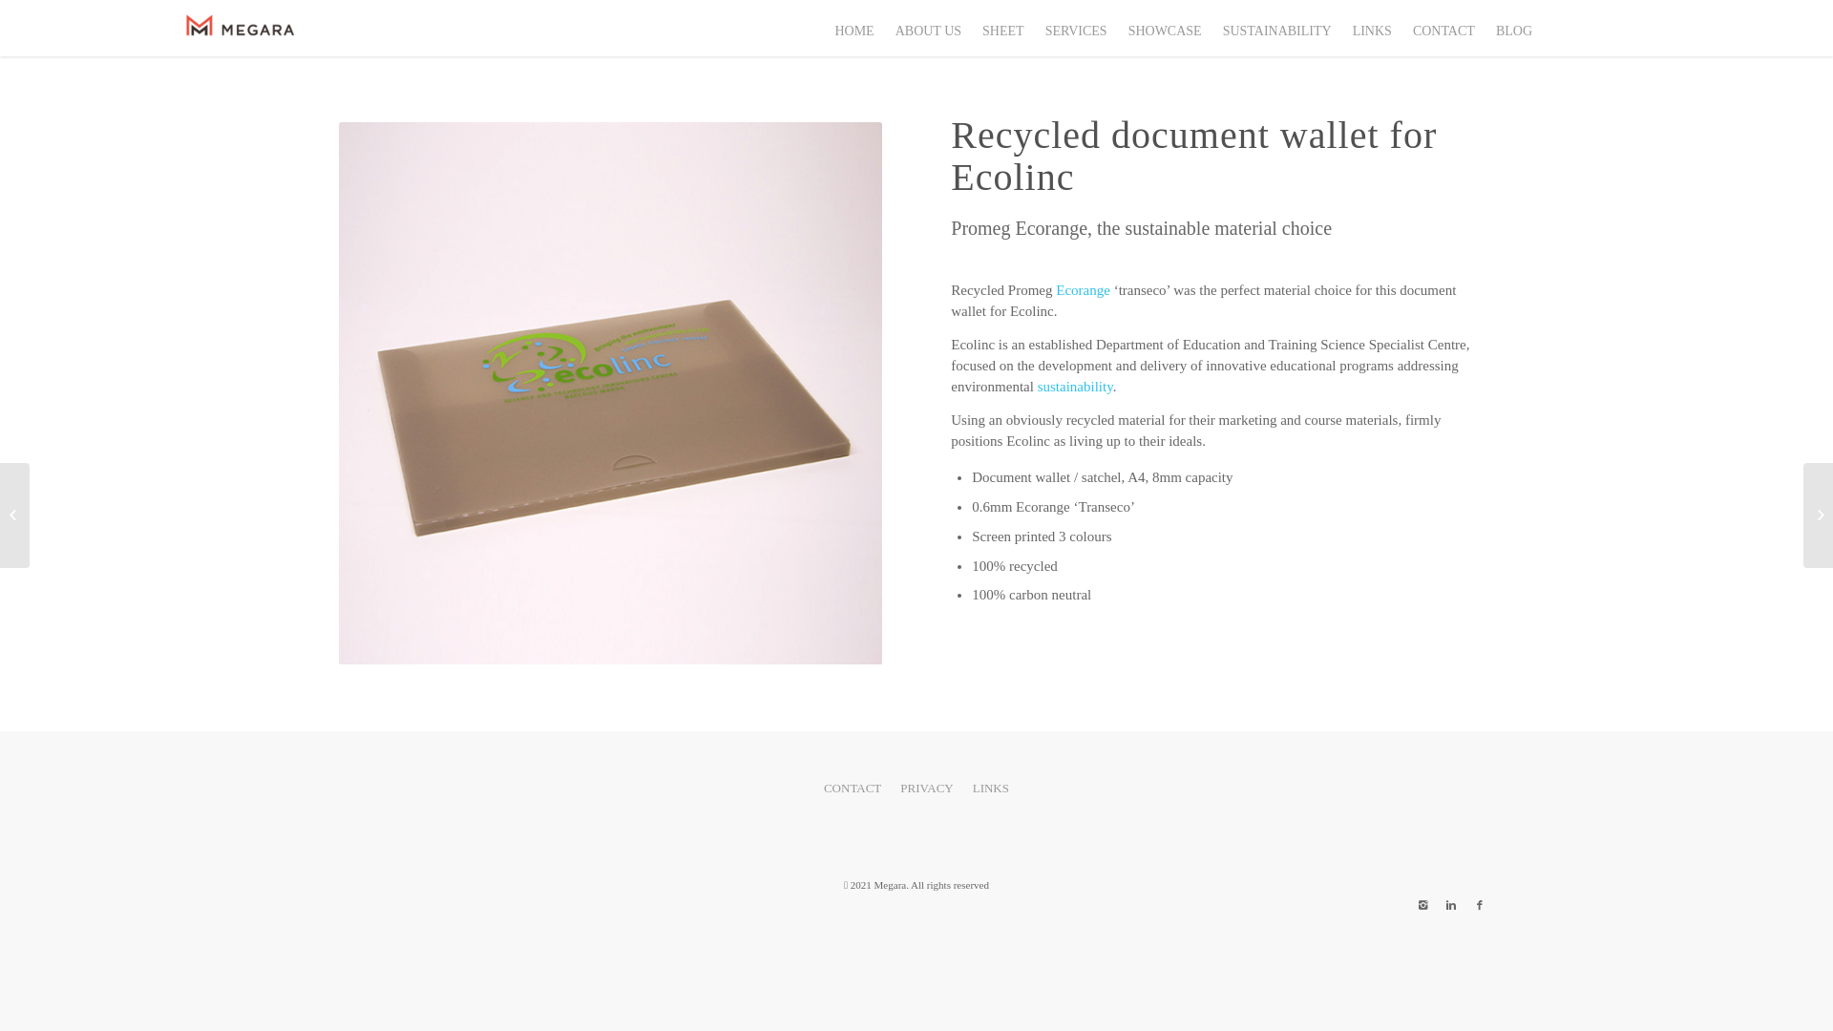 The height and width of the screenshot is (1031, 1833). Describe the element at coordinates (1443, 28) in the screenshot. I see `'CONTACT'` at that location.